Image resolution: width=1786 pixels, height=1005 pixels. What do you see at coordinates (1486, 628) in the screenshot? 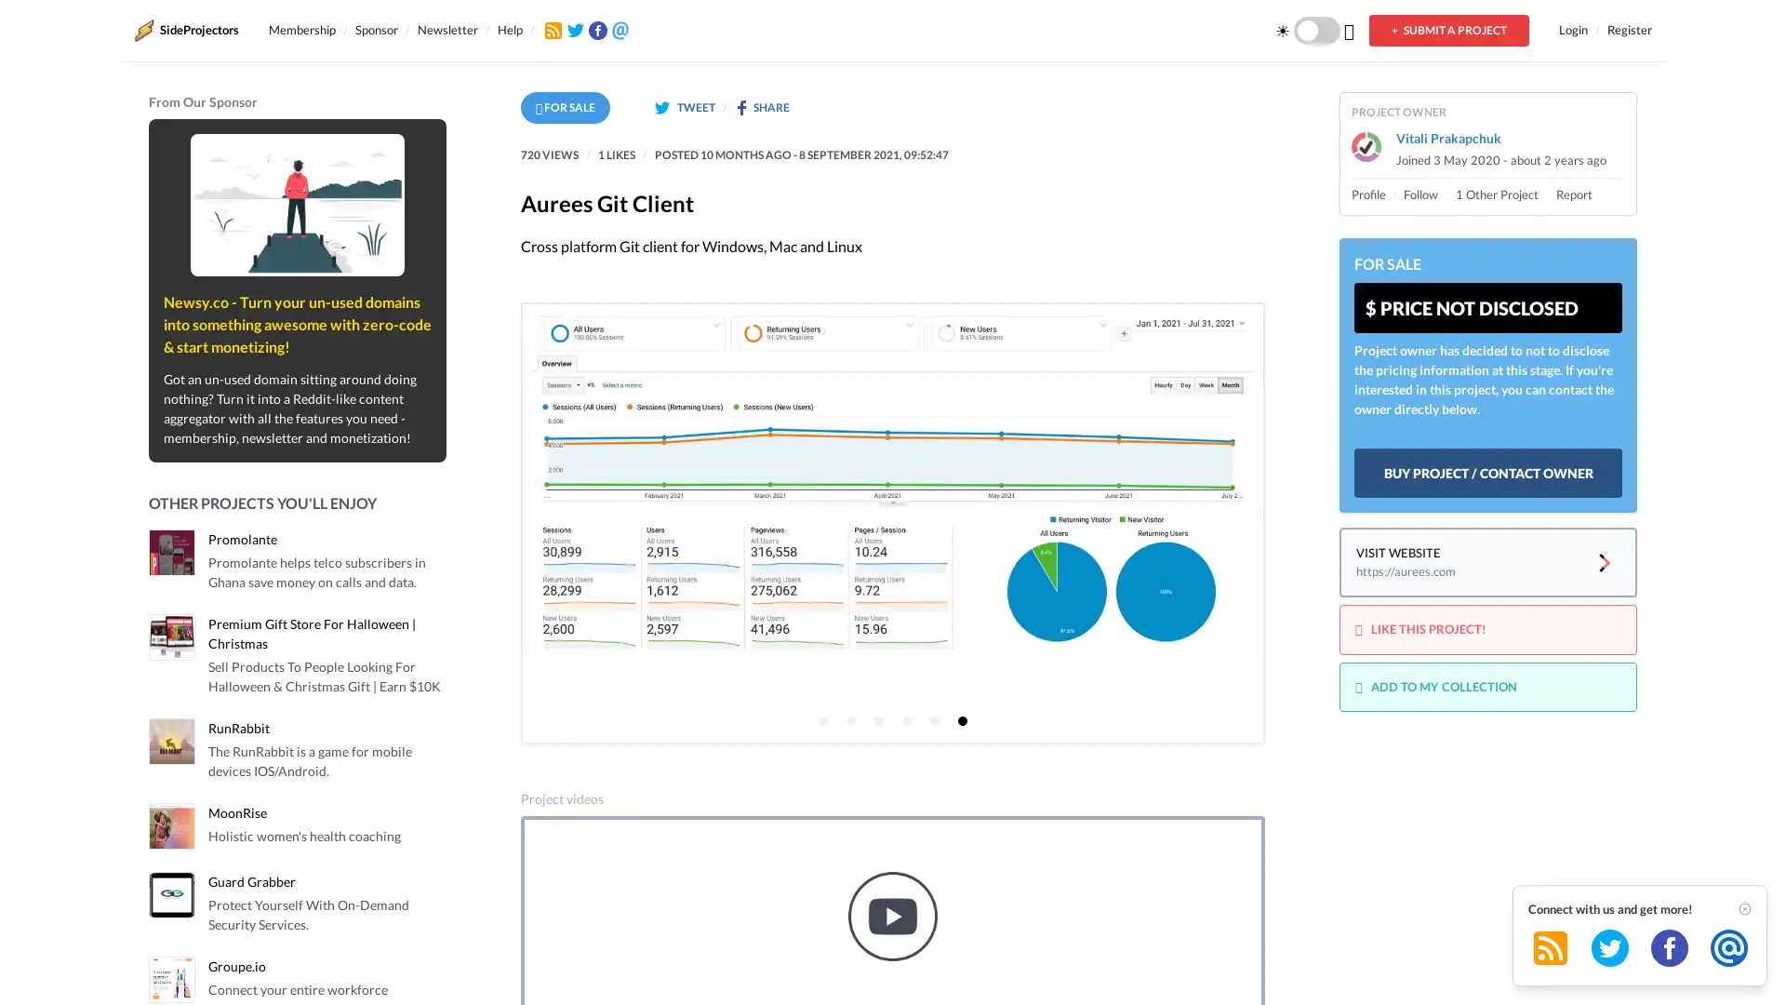
I see `LIKE THIS PROJECT!` at bounding box center [1486, 628].